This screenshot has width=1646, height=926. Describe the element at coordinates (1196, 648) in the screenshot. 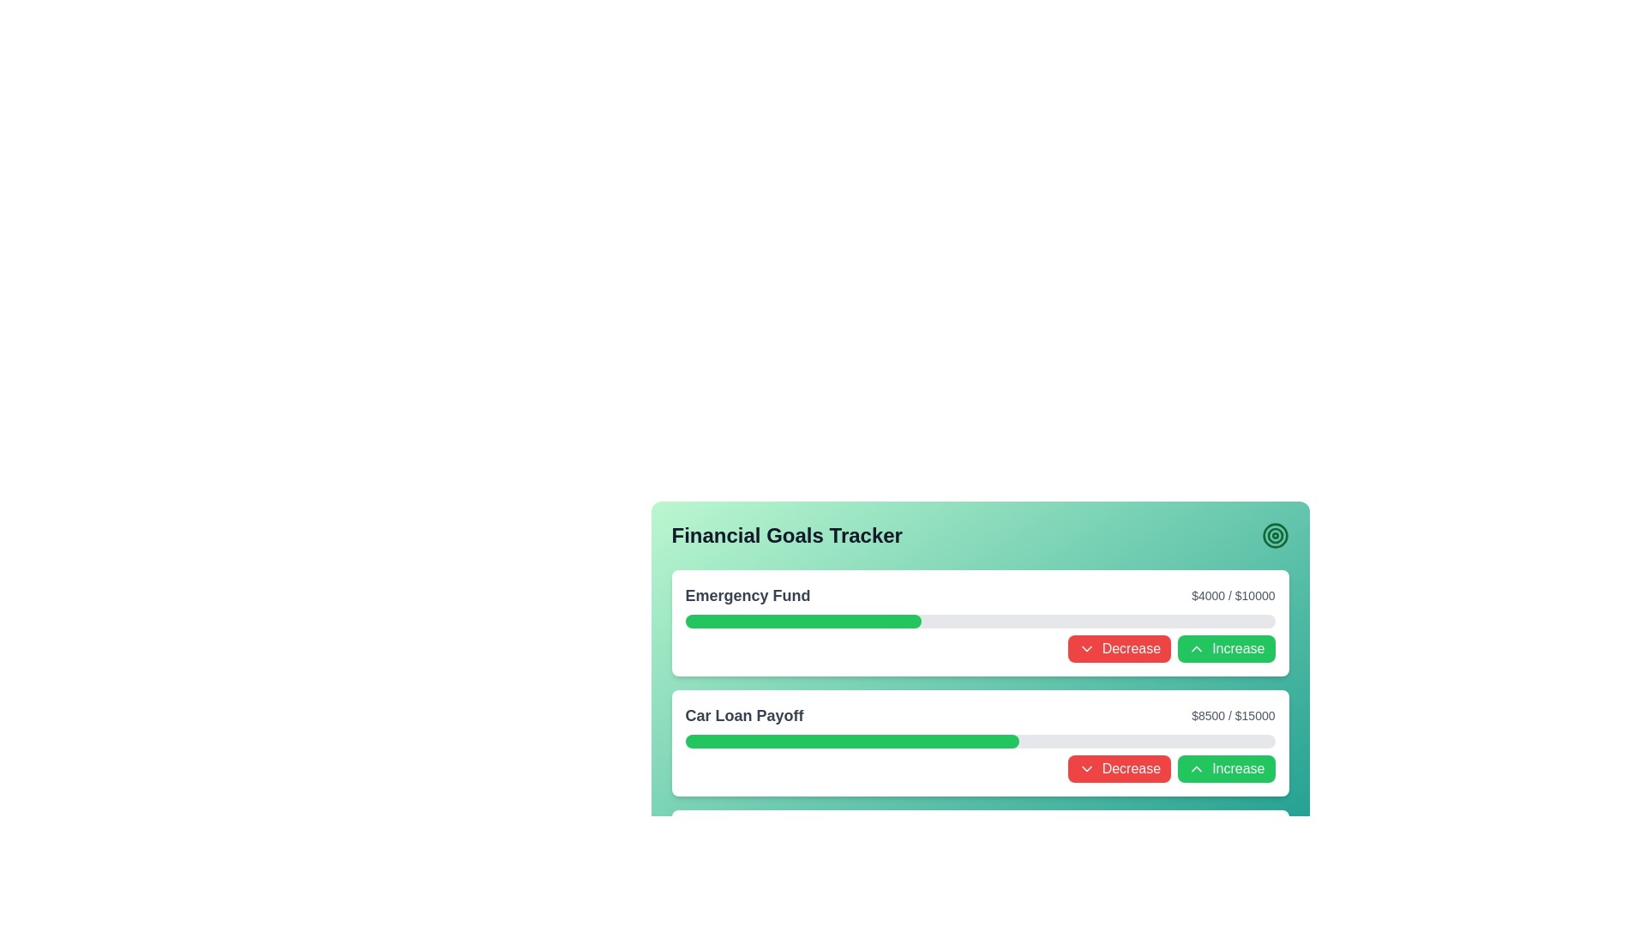

I see `the upward chevron SVG icon within the green 'Increase' button, which is located to the right of the 'Decrease' button in the goal tracker row titled 'Emergency Fund'` at that location.